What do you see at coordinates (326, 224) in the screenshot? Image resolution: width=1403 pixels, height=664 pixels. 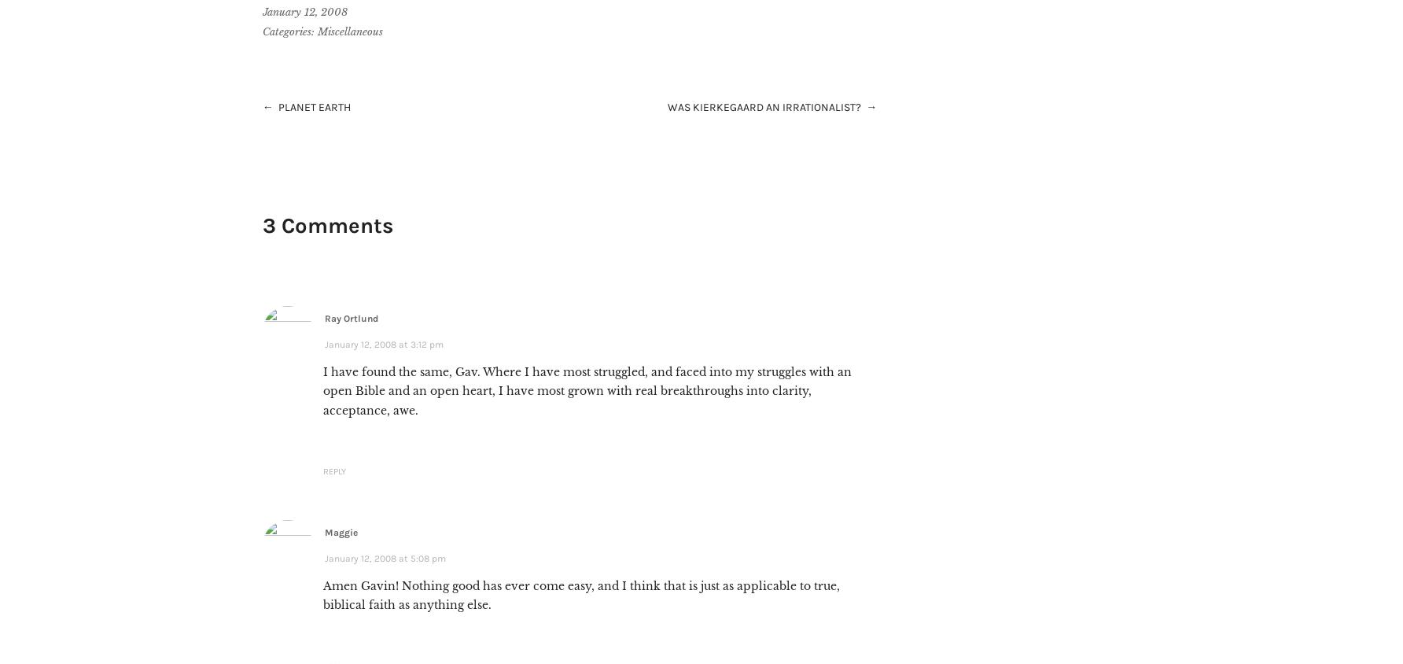 I see `'3 Comments'` at bounding box center [326, 224].